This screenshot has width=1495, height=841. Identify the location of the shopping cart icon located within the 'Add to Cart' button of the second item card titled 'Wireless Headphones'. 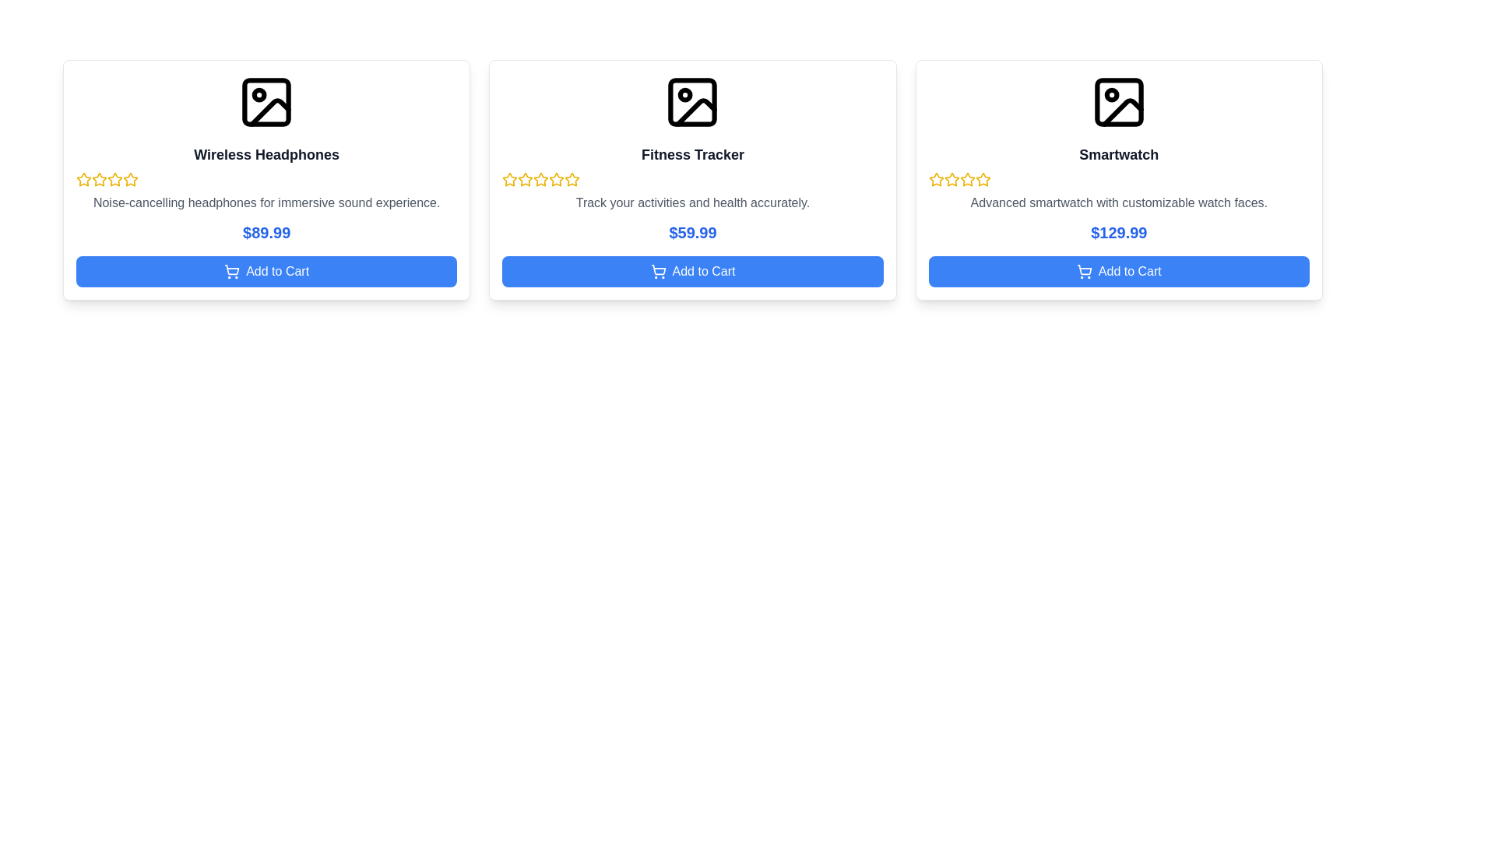
(231, 269).